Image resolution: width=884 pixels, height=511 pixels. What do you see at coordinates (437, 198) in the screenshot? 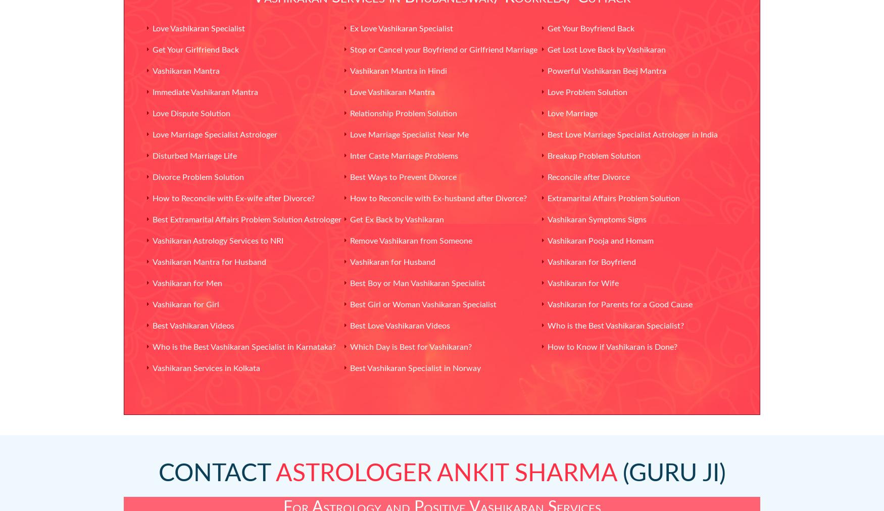
I see `'How to Reconcile with Ex-husband after Divorce?'` at bounding box center [437, 198].